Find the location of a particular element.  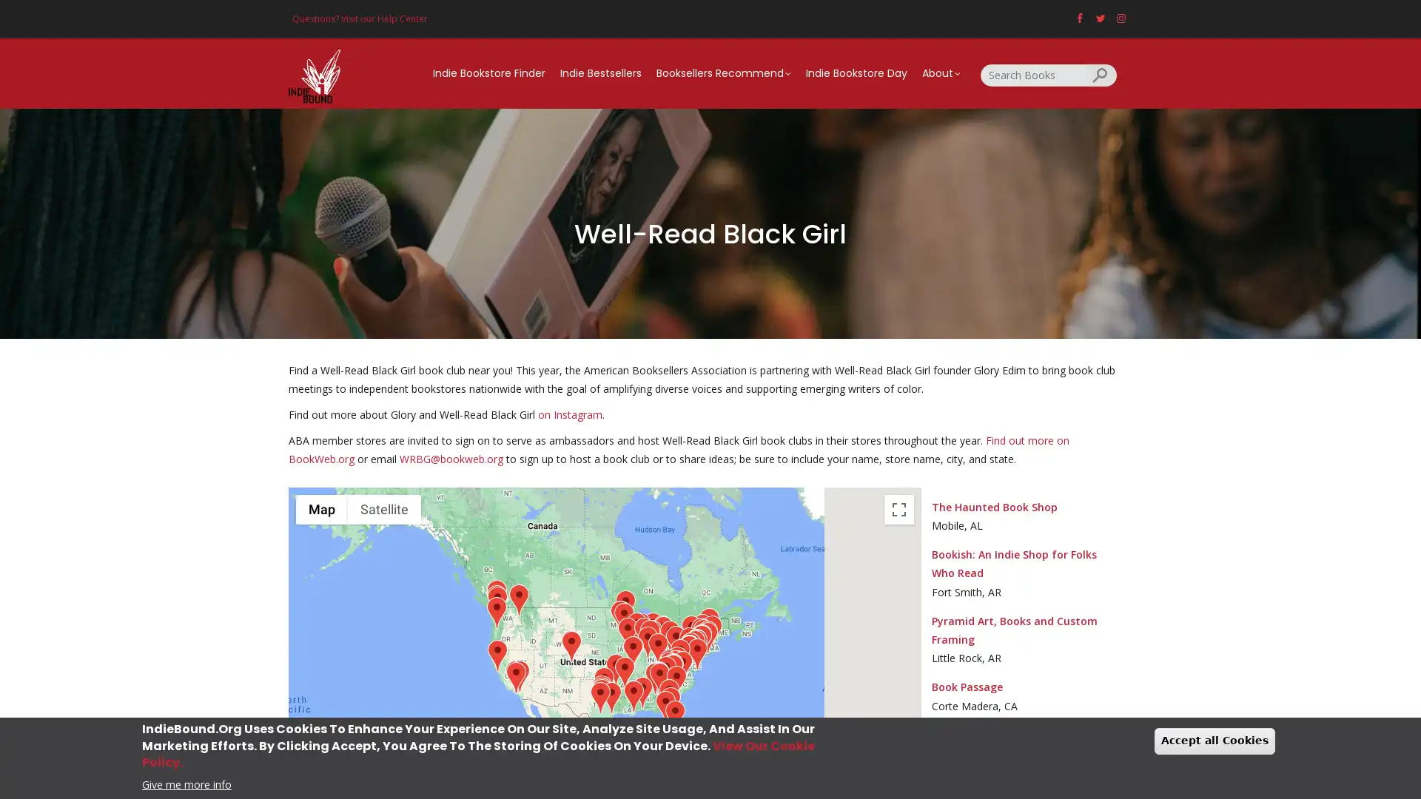

Sankofa Video and Books is located at coordinates (688, 649).